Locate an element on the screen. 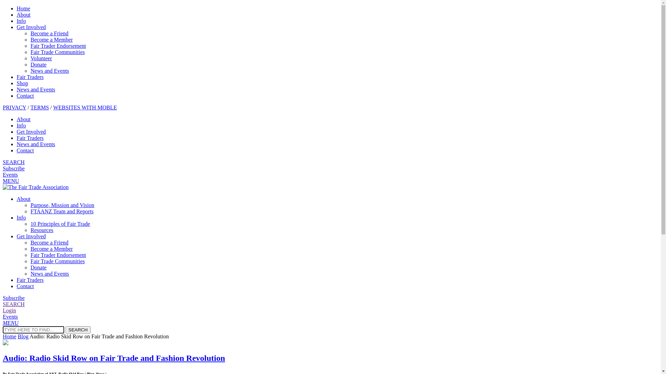  'About' is located at coordinates (17, 119).